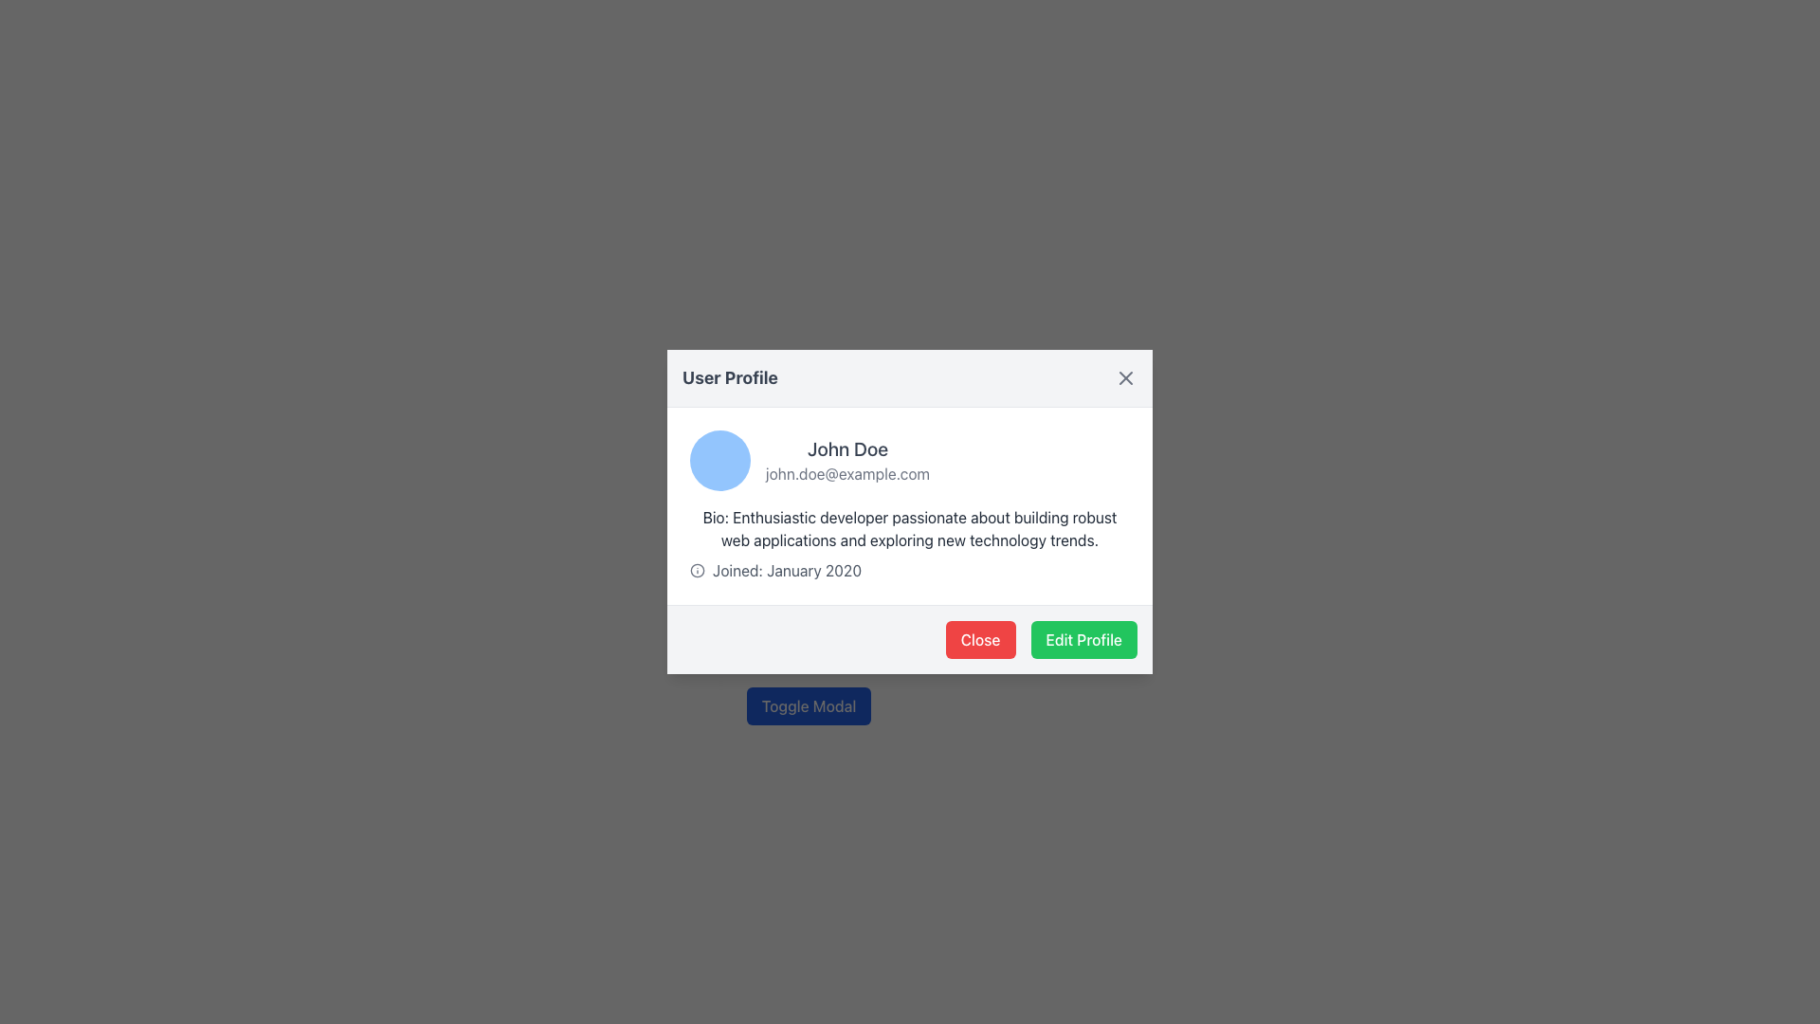 The height and width of the screenshot is (1024, 1820). Describe the element at coordinates (846, 473) in the screenshot. I see `the gray-colored text displaying the email address 'john.doe@example.com', which is positioned directly below the name 'John Doe' in the profile card` at that location.